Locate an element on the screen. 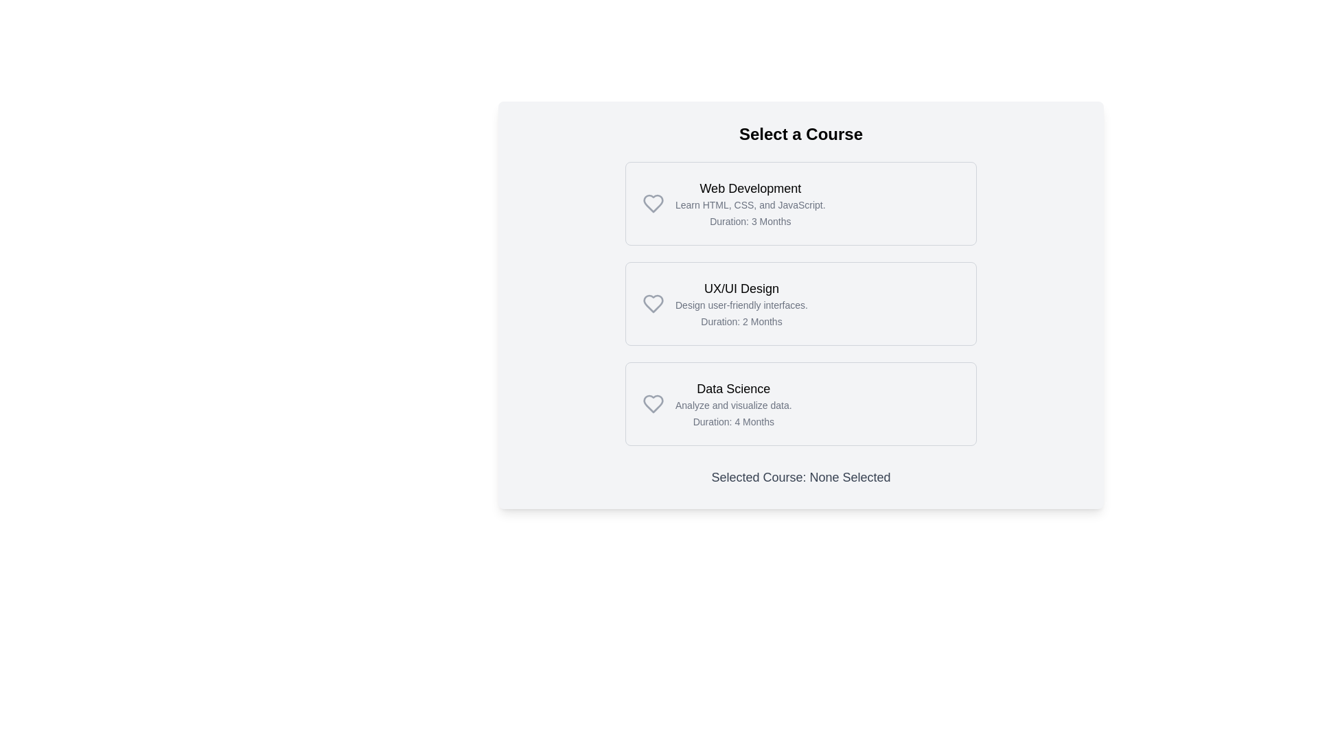 Image resolution: width=1318 pixels, height=741 pixels. the text label that informs the user about the course duration, located below the course description text in the Web Development card is located at coordinates (750, 221).